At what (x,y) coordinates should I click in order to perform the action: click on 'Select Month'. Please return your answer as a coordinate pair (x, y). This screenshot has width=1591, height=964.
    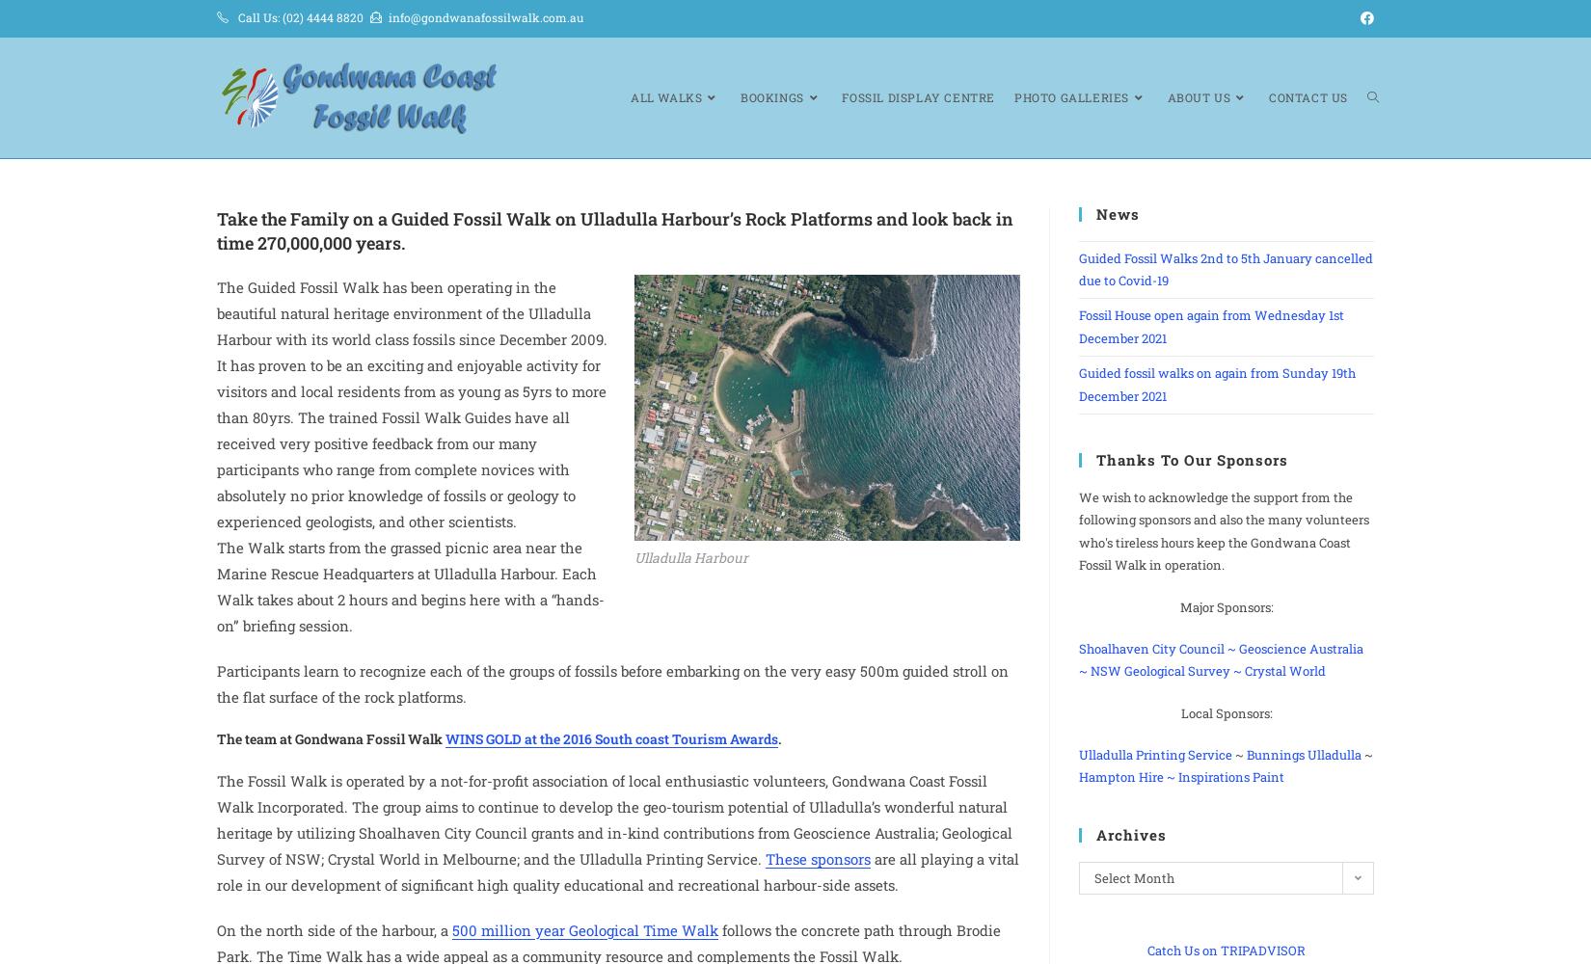
    Looking at the image, I should click on (1134, 877).